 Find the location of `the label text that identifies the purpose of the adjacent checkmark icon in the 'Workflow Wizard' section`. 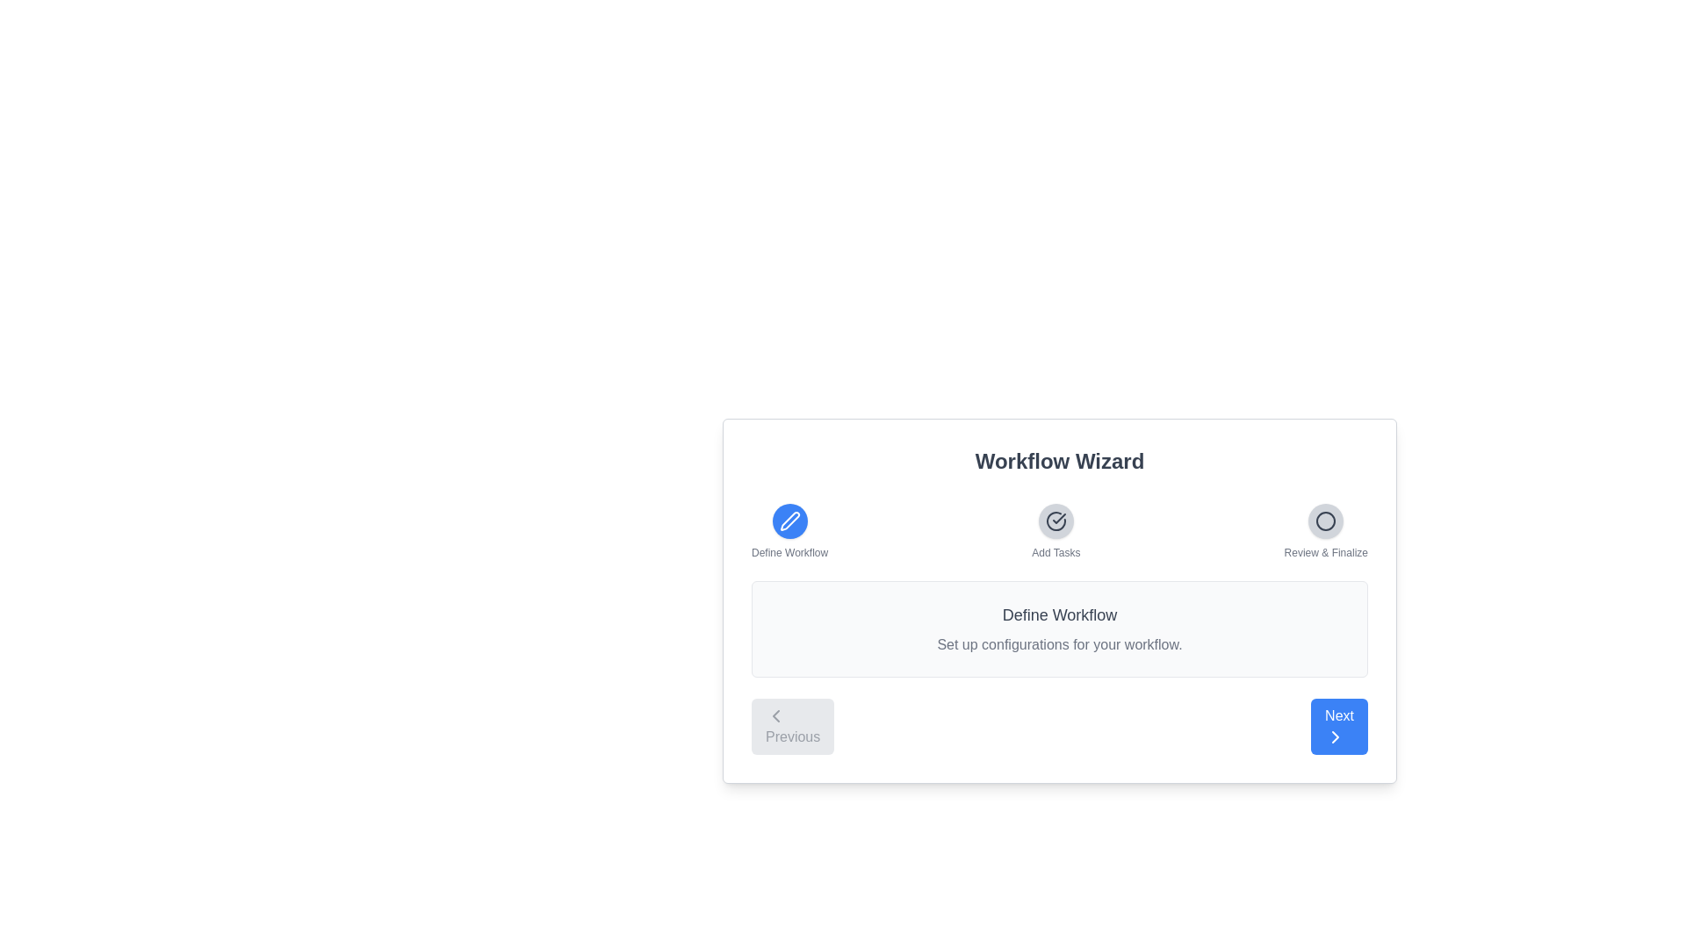

the label text that identifies the purpose of the adjacent checkmark icon in the 'Workflow Wizard' section is located at coordinates (1055, 551).